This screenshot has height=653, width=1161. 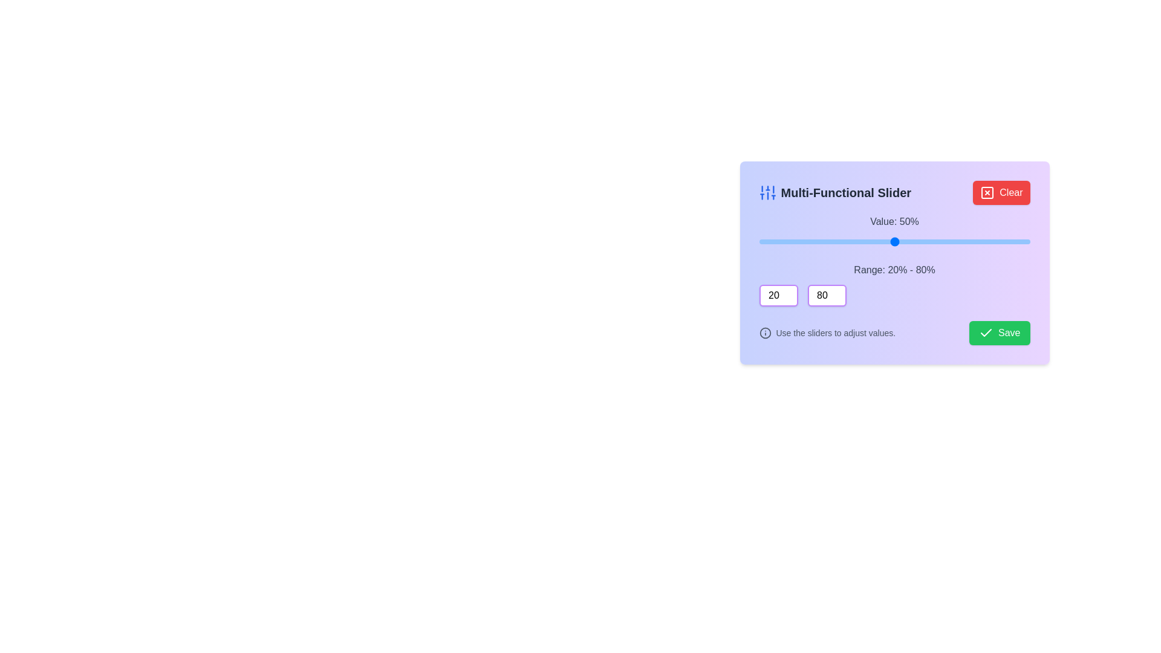 I want to click on the circular background portion of the information icon, which is part of an icon component indicating information, so click(x=764, y=333).